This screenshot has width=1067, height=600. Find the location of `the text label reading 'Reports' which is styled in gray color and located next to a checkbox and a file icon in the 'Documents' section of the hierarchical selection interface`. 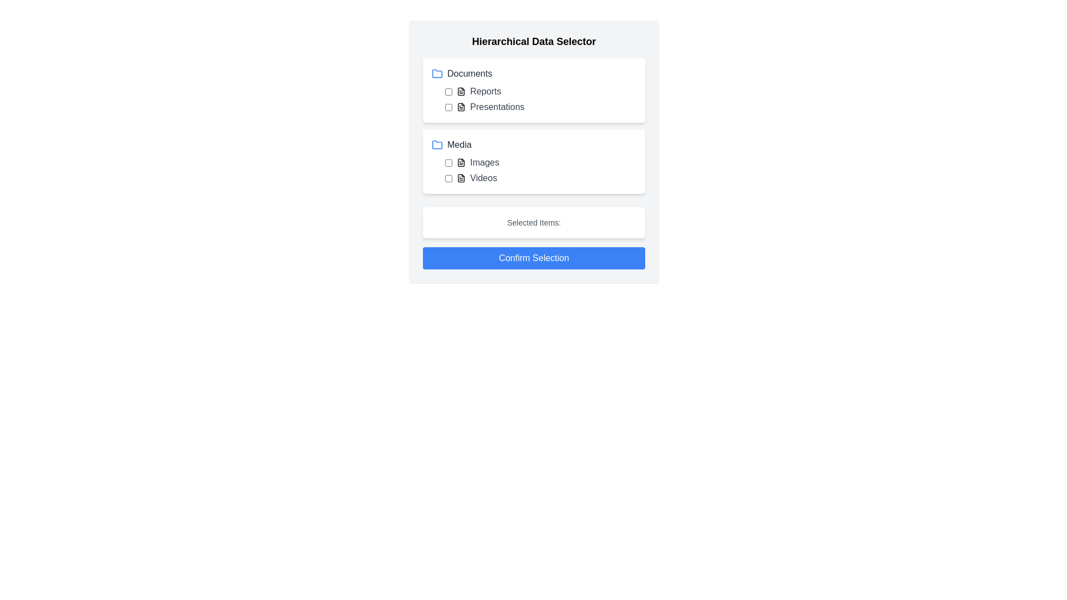

the text label reading 'Reports' which is styled in gray color and located next to a checkbox and a file icon in the 'Documents' section of the hierarchical selection interface is located at coordinates (485, 91).